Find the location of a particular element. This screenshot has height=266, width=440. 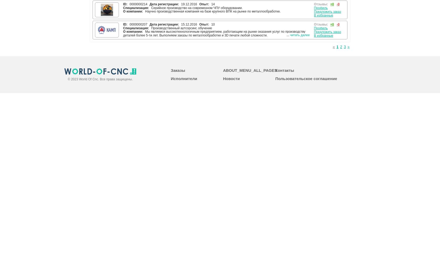

'Предприятие холдинга ООО НПП «Технопроект» представляет научно-производственное предприятие, которое   имеет полный комплекс необходимого оборудования для производства и испытания электромагнитных клапанов, пневмомодулей, трубных соединителей на высокое давление (муфт), быстроразъемных соединений (БРС), воздушных фильтров, пневмо-гидравлических мультипликаторов и других специальных устройств, управляющих потоками сред. Также предметом деятельности нашей компании является разработка и изготовление уплотнительных элементов, блоков управления продуктом и министендов для испытания пневмомодулей.' is located at coordinates (215, 66).